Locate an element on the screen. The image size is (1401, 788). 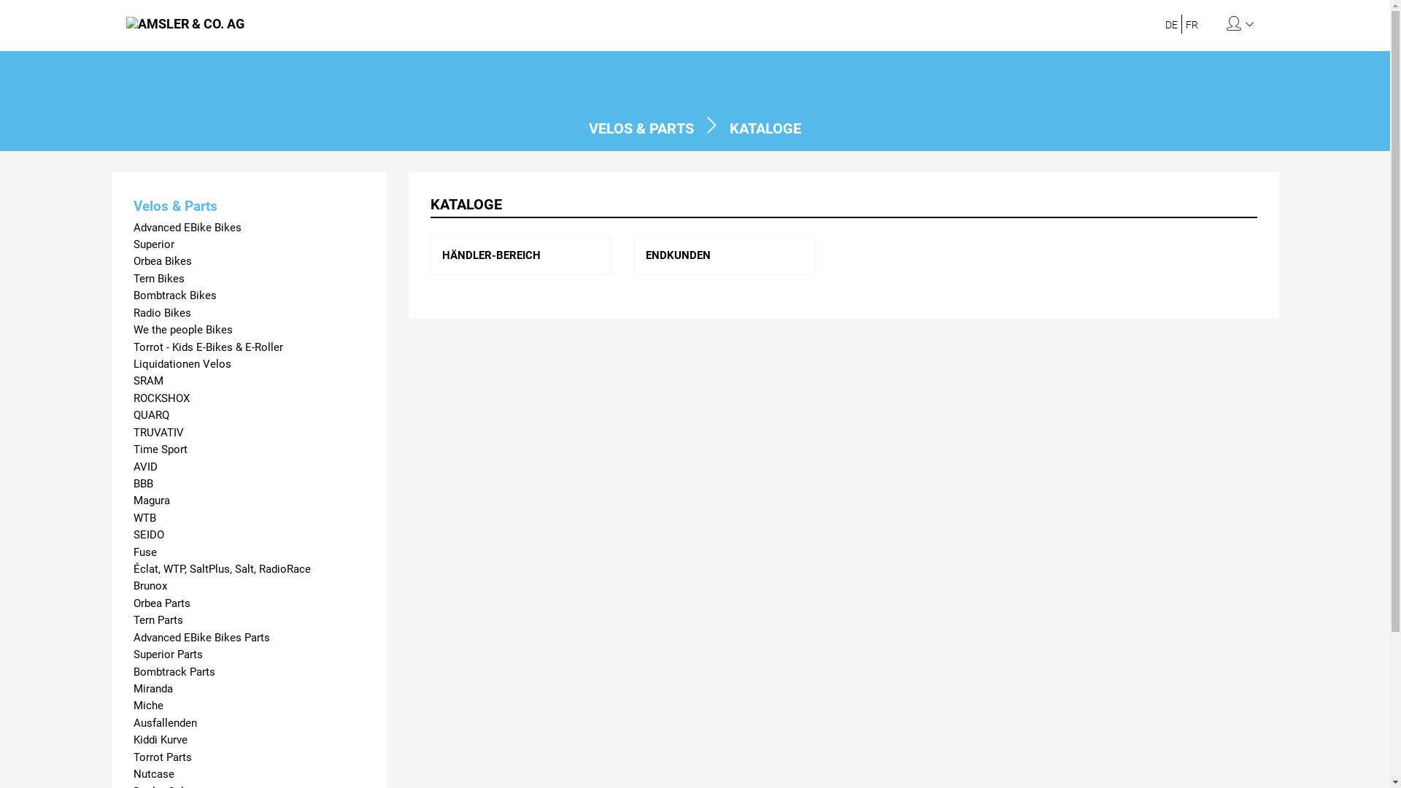
'Torrot Parts' is located at coordinates (133, 757).